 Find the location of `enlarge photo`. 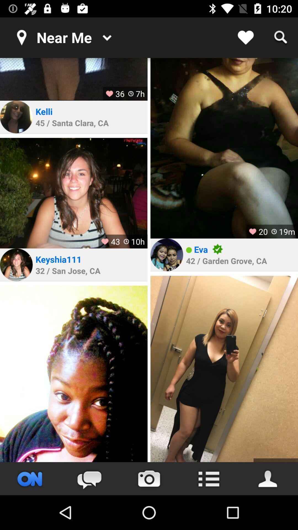

enlarge photo is located at coordinates (73, 374).